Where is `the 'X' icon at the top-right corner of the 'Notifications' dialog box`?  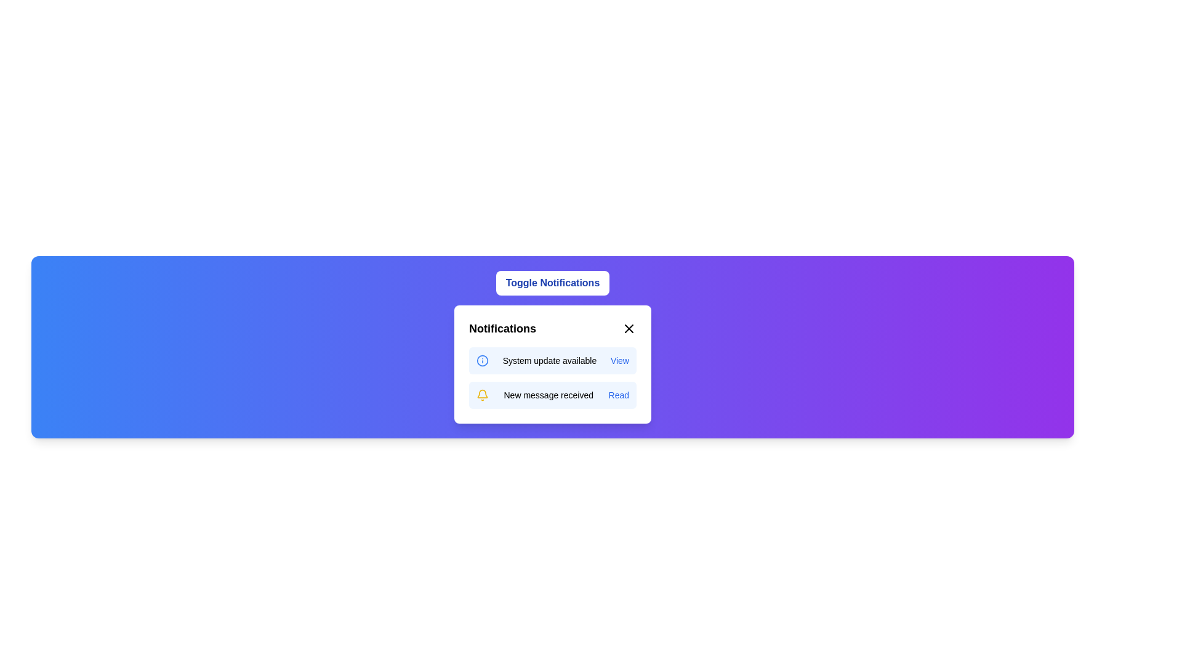 the 'X' icon at the top-right corner of the 'Notifications' dialog box is located at coordinates (629, 328).